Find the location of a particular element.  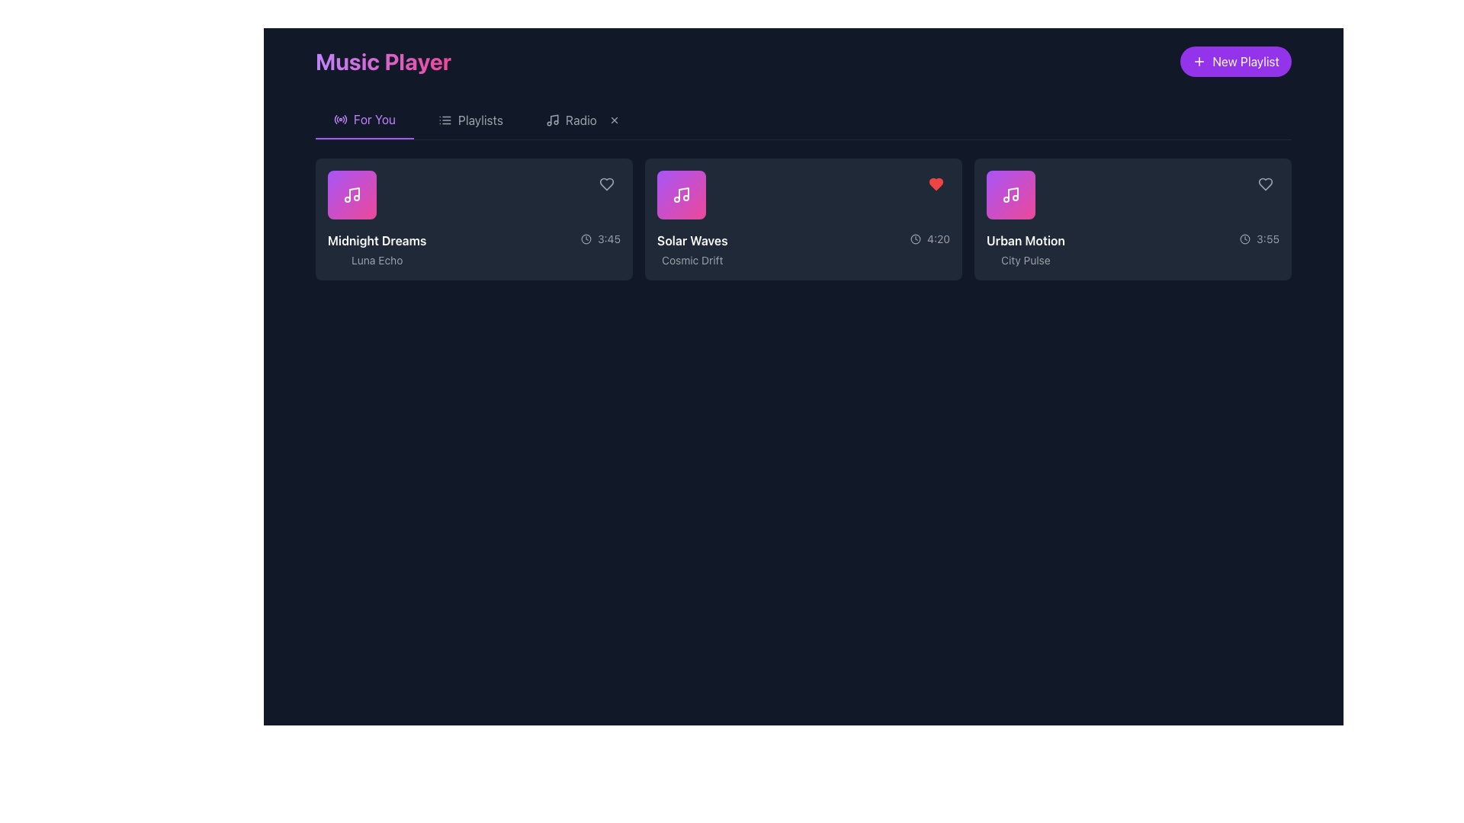

the clock icon located within the 'Urban Motion' item card is located at coordinates (1245, 239).